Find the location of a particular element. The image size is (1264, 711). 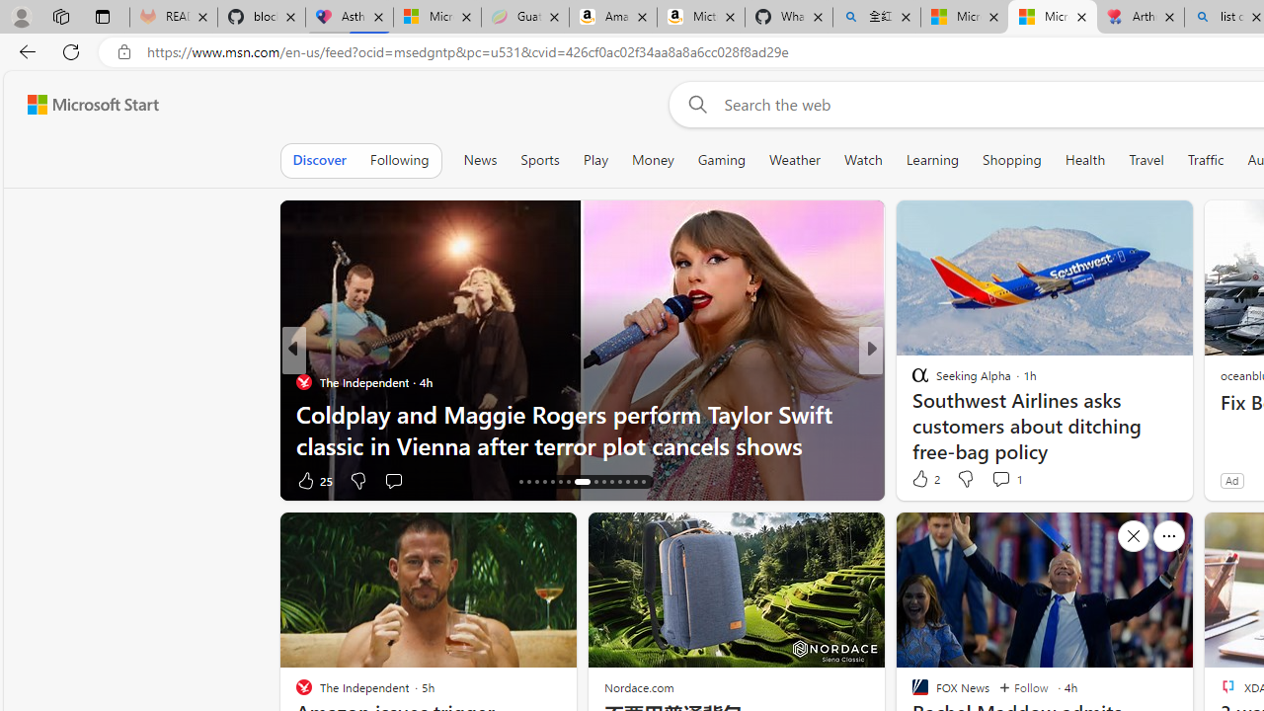

'Weather' is located at coordinates (795, 159).